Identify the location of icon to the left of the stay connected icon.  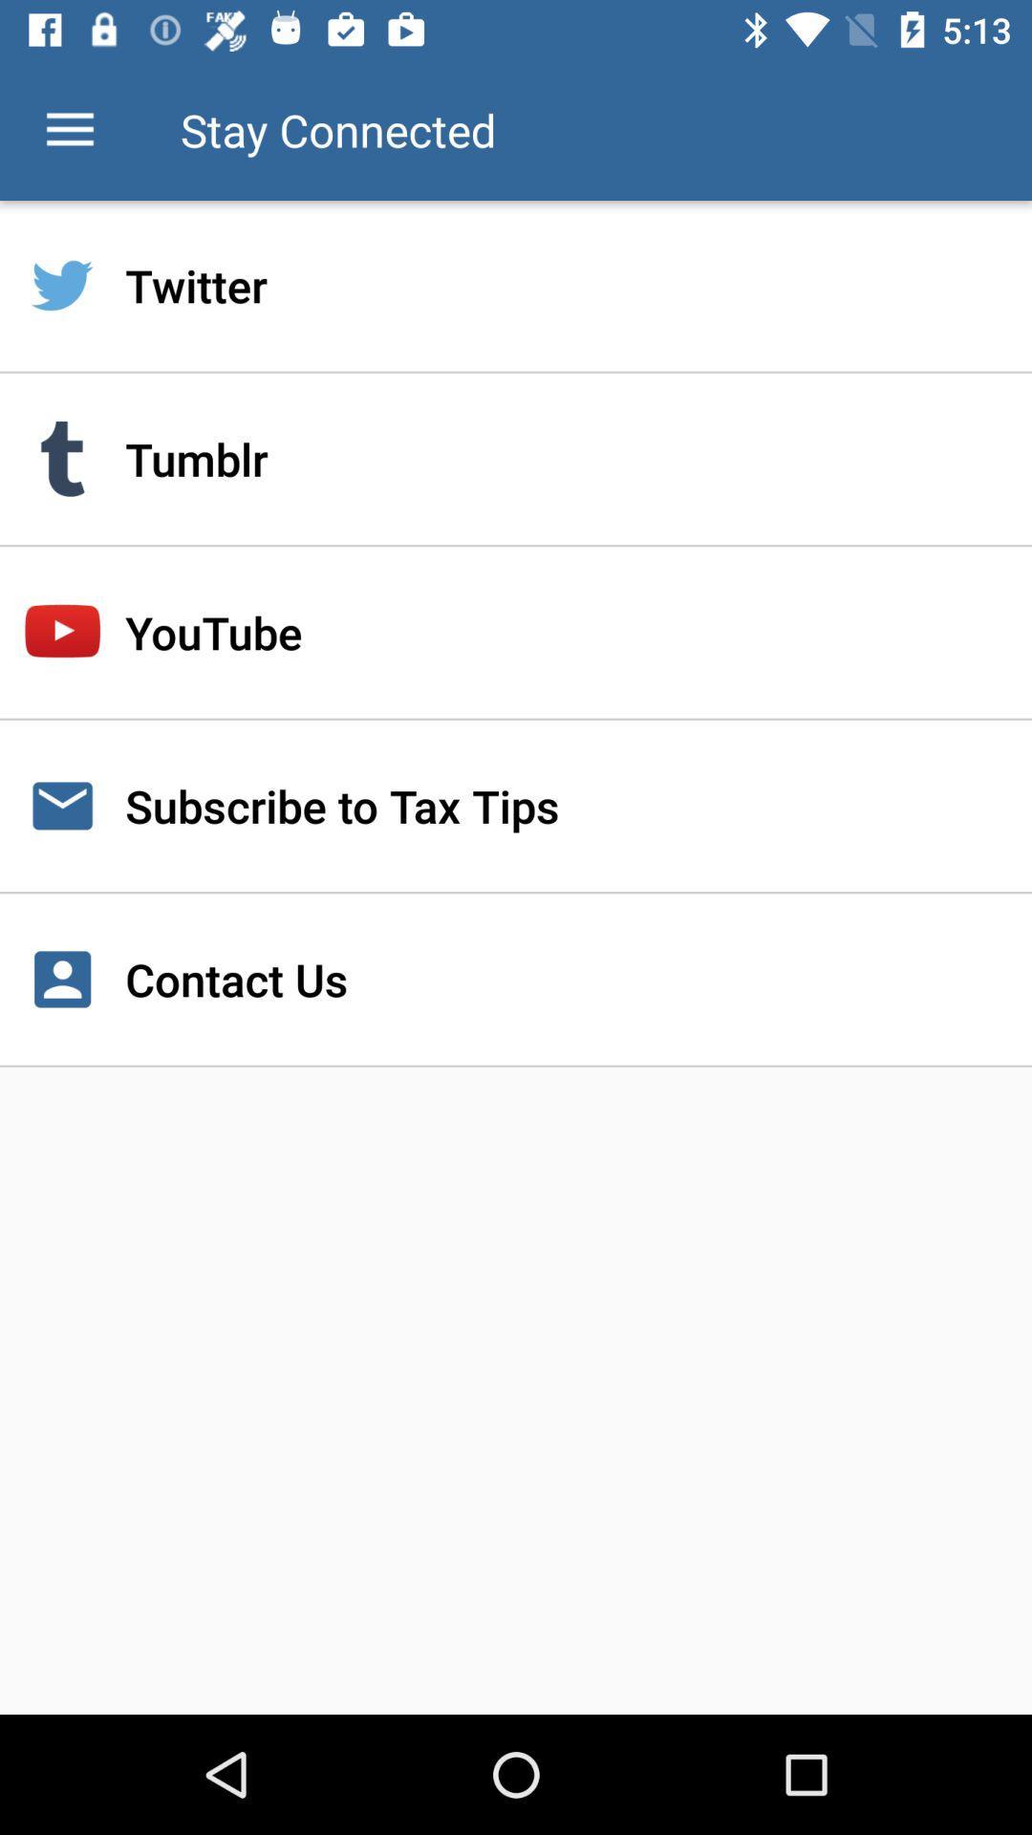
(69, 129).